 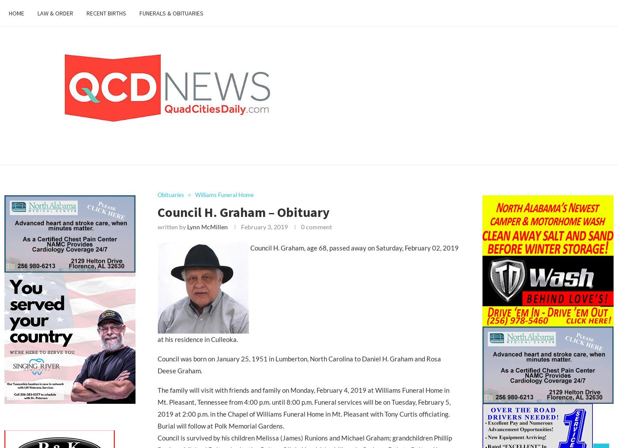 I want to click on 'Funerals & Obituaries', so click(x=171, y=13).